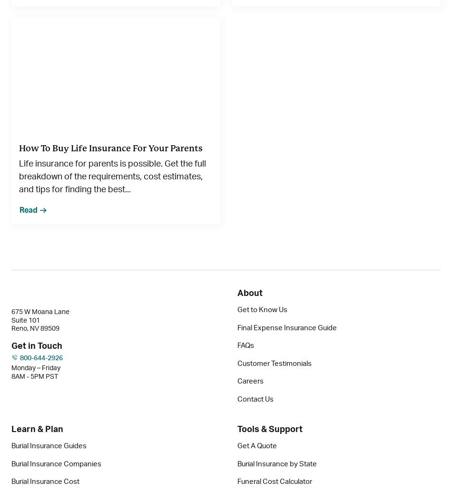 The height and width of the screenshot is (492, 452). I want to click on 'Burial Insurance by State', so click(237, 463).